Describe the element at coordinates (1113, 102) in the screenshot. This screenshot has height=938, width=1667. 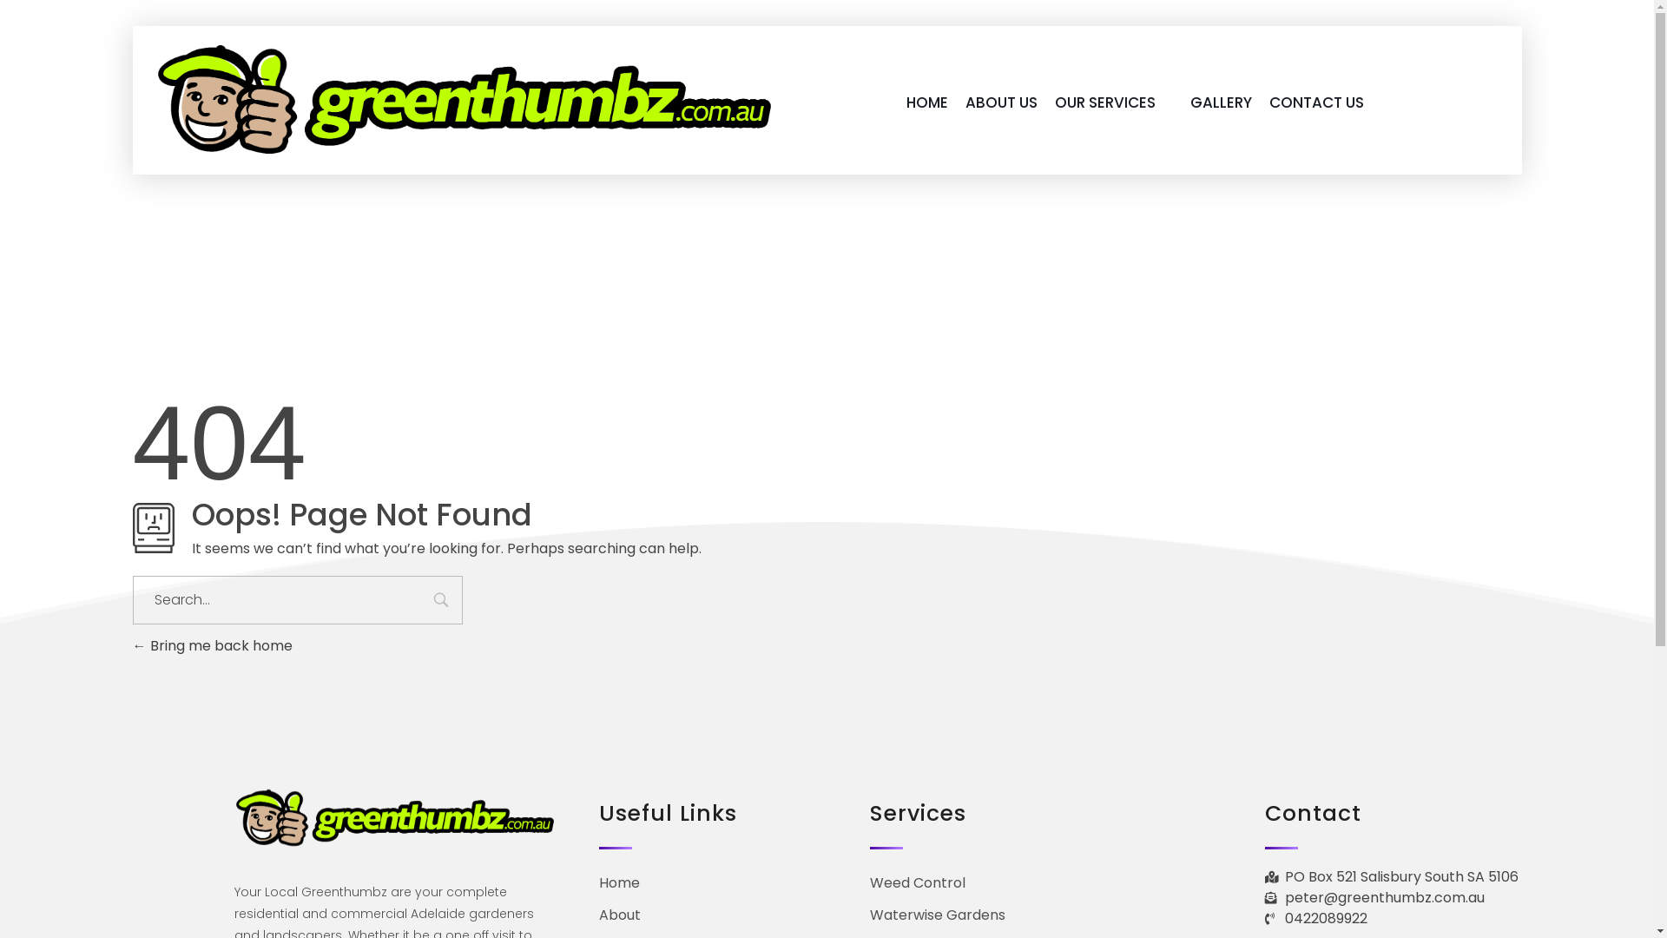
I see `'OUR SERVICES'` at that location.